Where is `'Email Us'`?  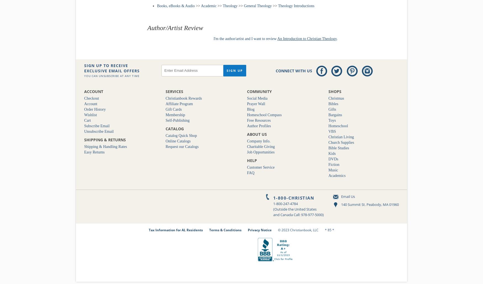
'Email Us' is located at coordinates (348, 196).